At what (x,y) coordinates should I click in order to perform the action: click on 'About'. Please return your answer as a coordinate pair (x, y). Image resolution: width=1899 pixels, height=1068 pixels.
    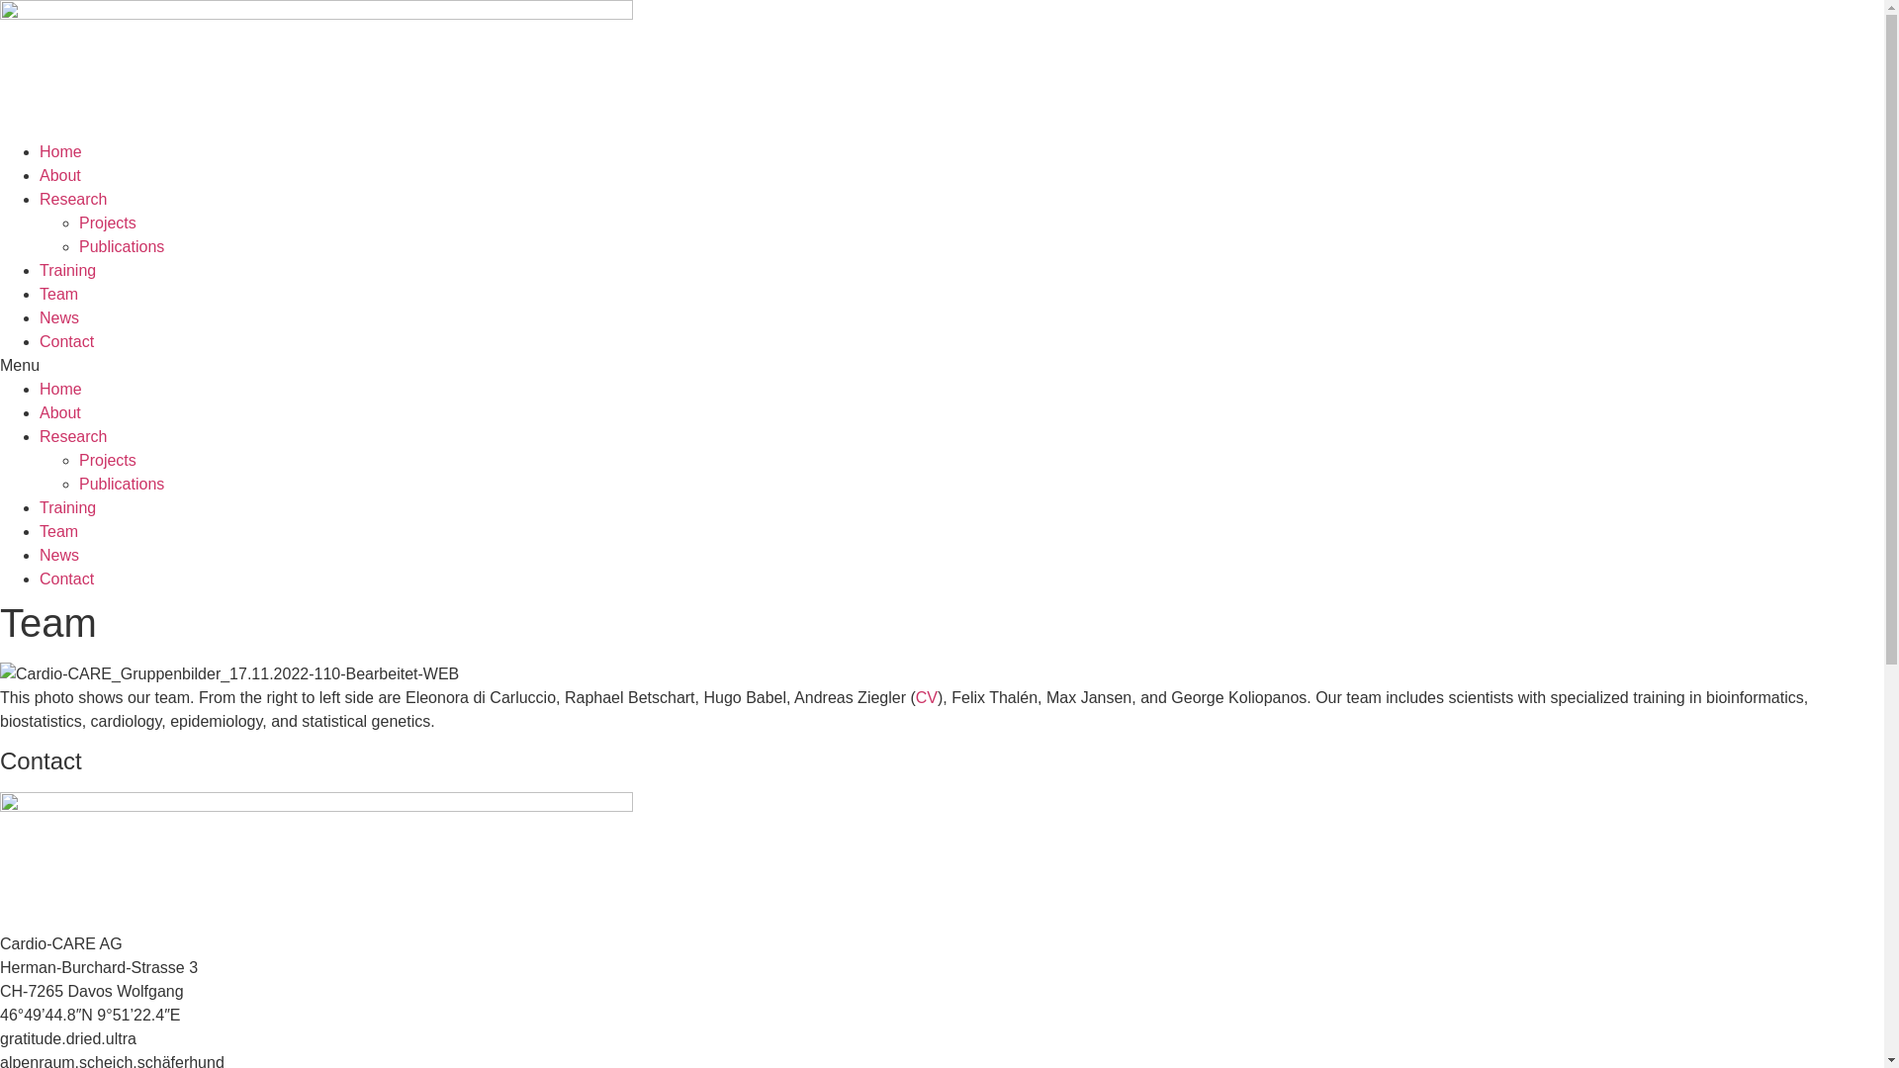
    Looking at the image, I should click on (60, 411).